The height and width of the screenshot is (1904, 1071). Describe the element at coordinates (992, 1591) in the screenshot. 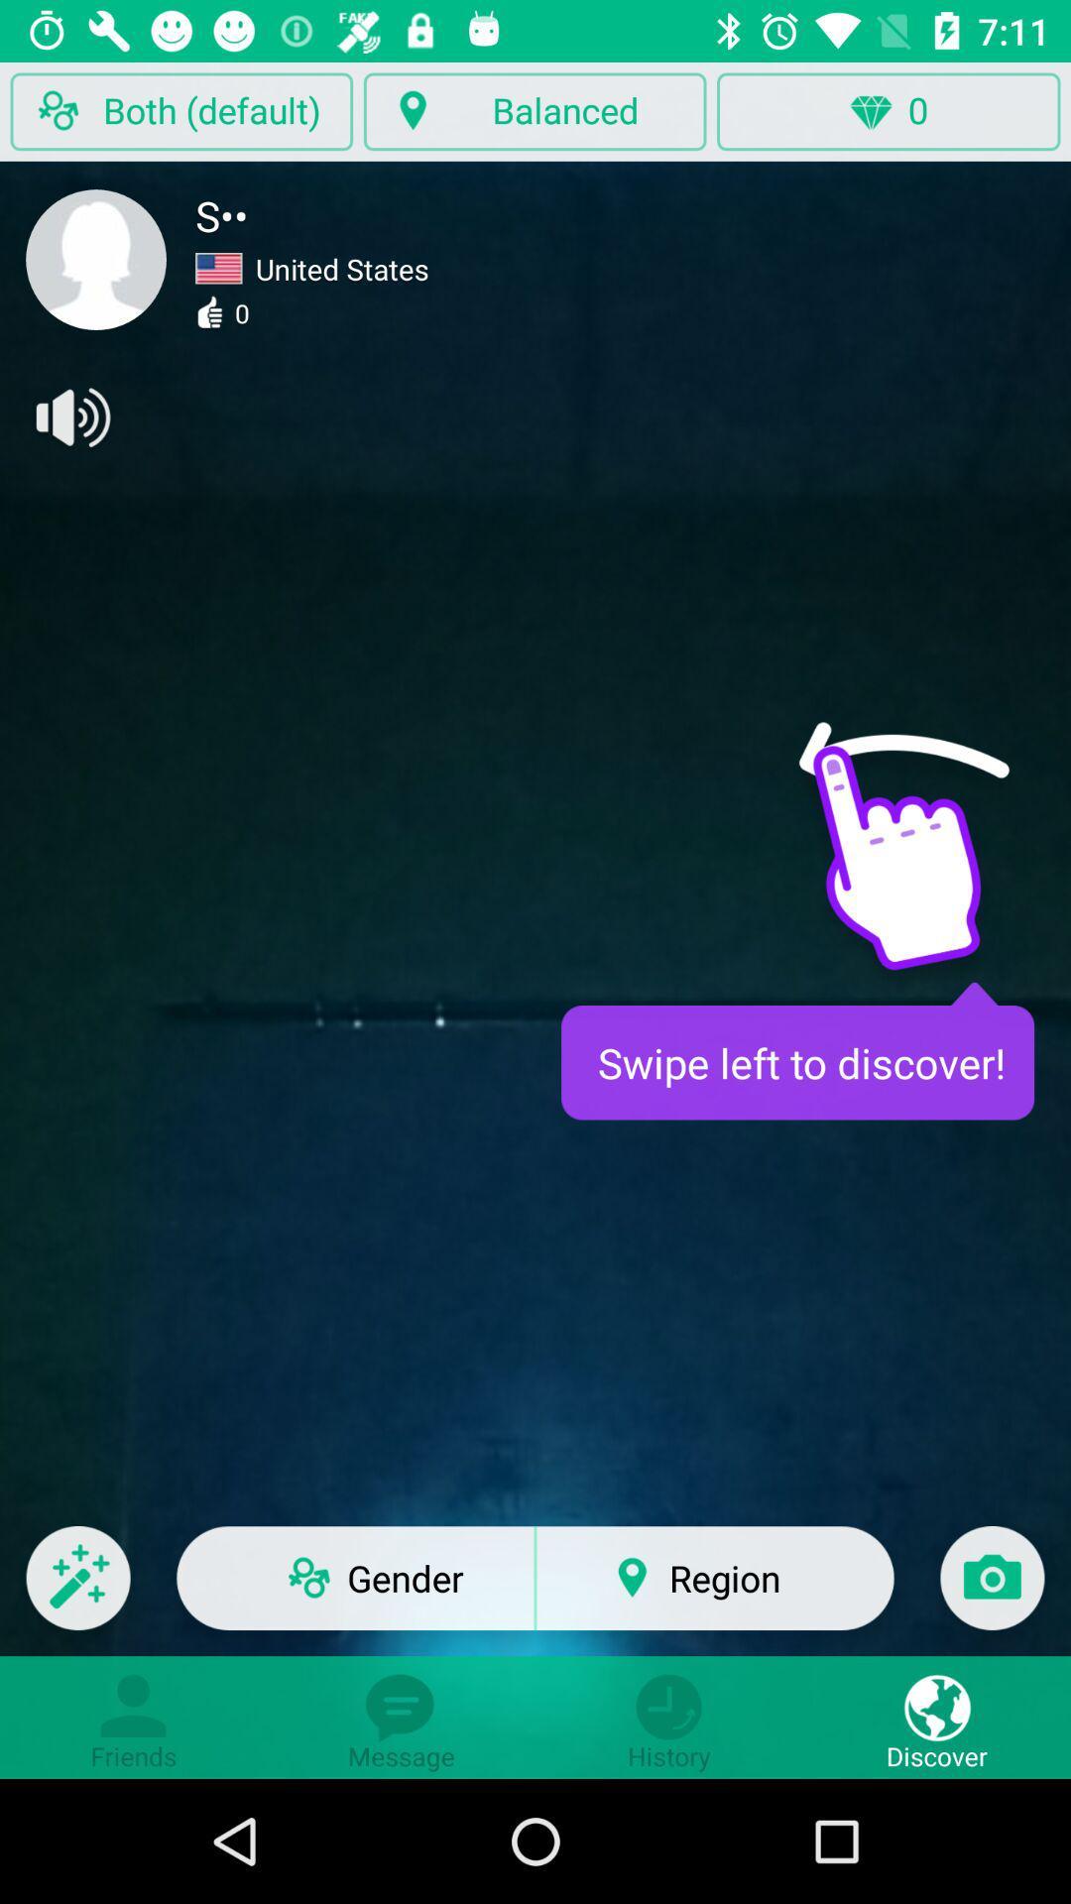

I see `item next to region item` at that location.